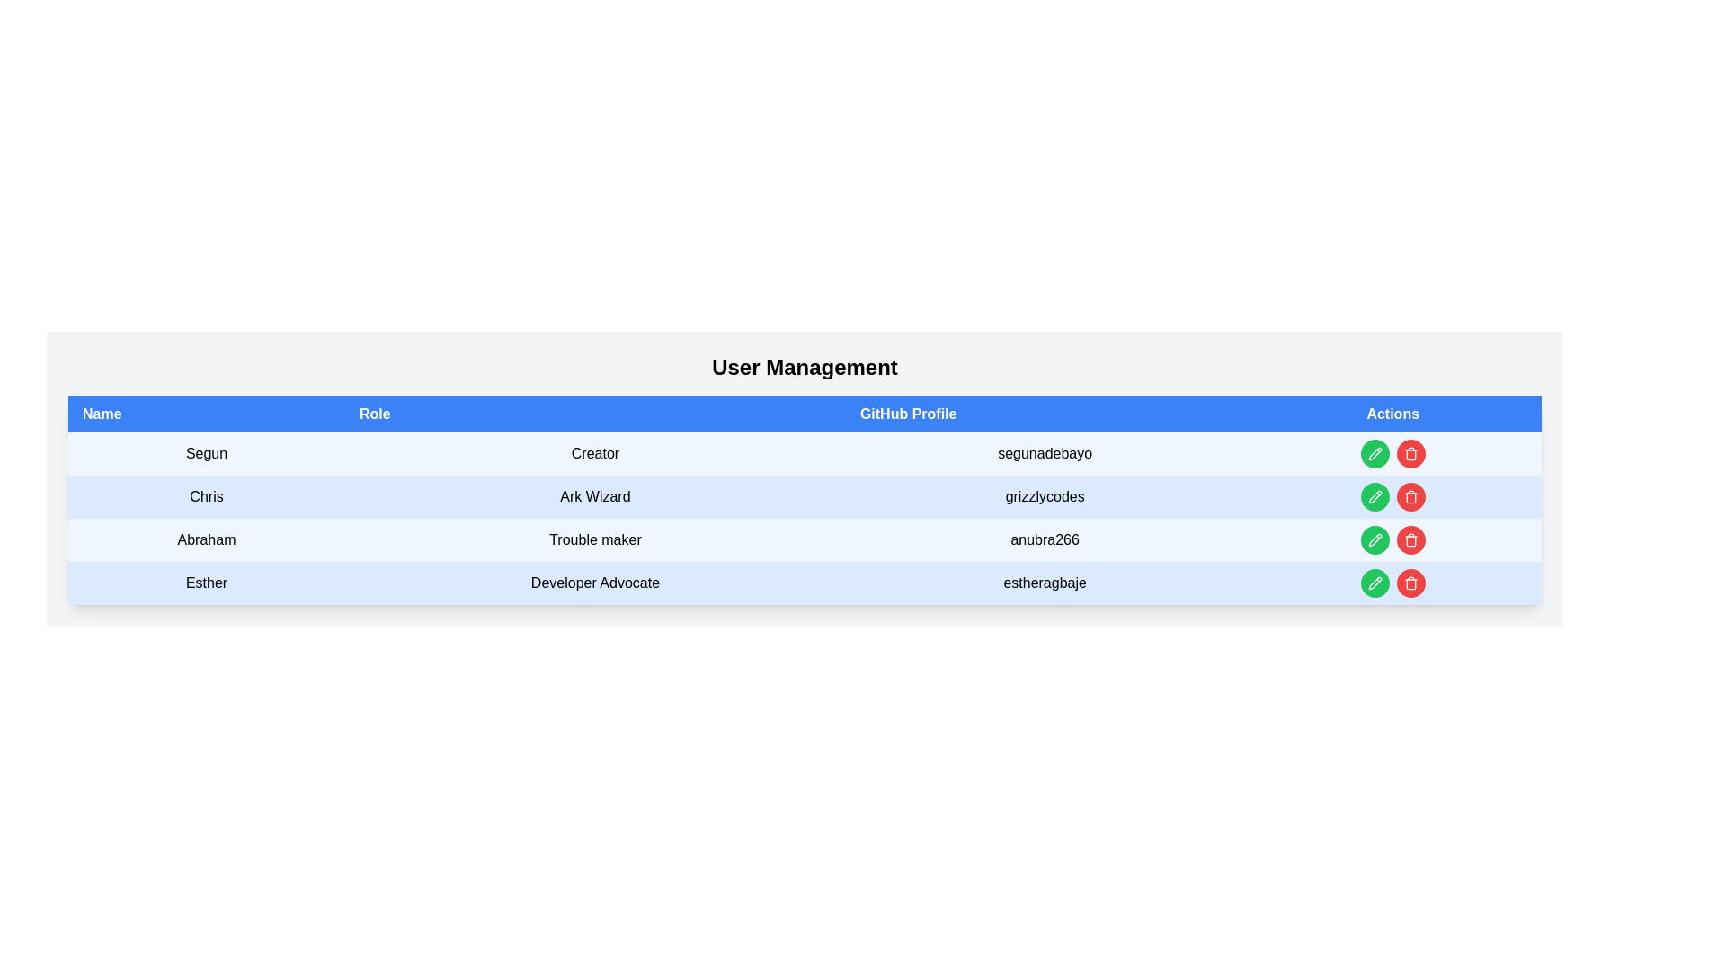 This screenshot has height=971, width=1726. Describe the element at coordinates (1392, 414) in the screenshot. I see `the Table Header Cell that serves as a header label for the column containing action buttons, located immediately to the right of 'GitHub Profile'` at that location.